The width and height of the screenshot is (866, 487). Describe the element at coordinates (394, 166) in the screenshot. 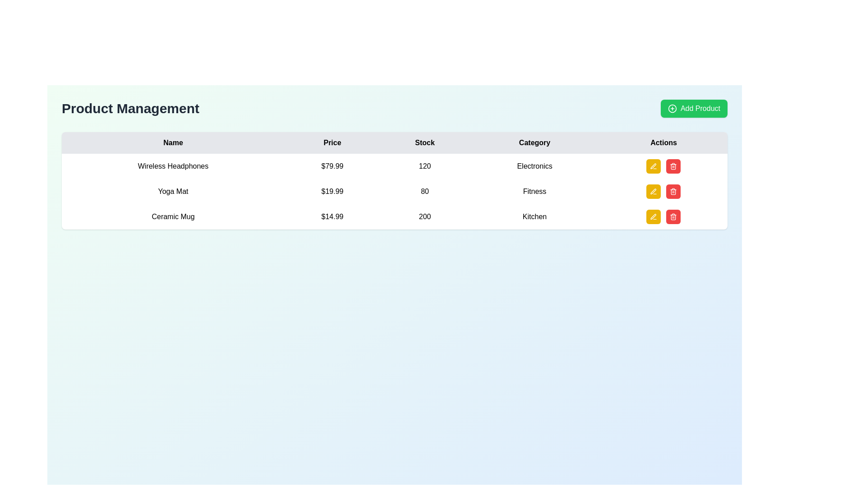

I see `the top entry row in the Product Management table, which displays details for 'Wireless Headphones'` at that location.